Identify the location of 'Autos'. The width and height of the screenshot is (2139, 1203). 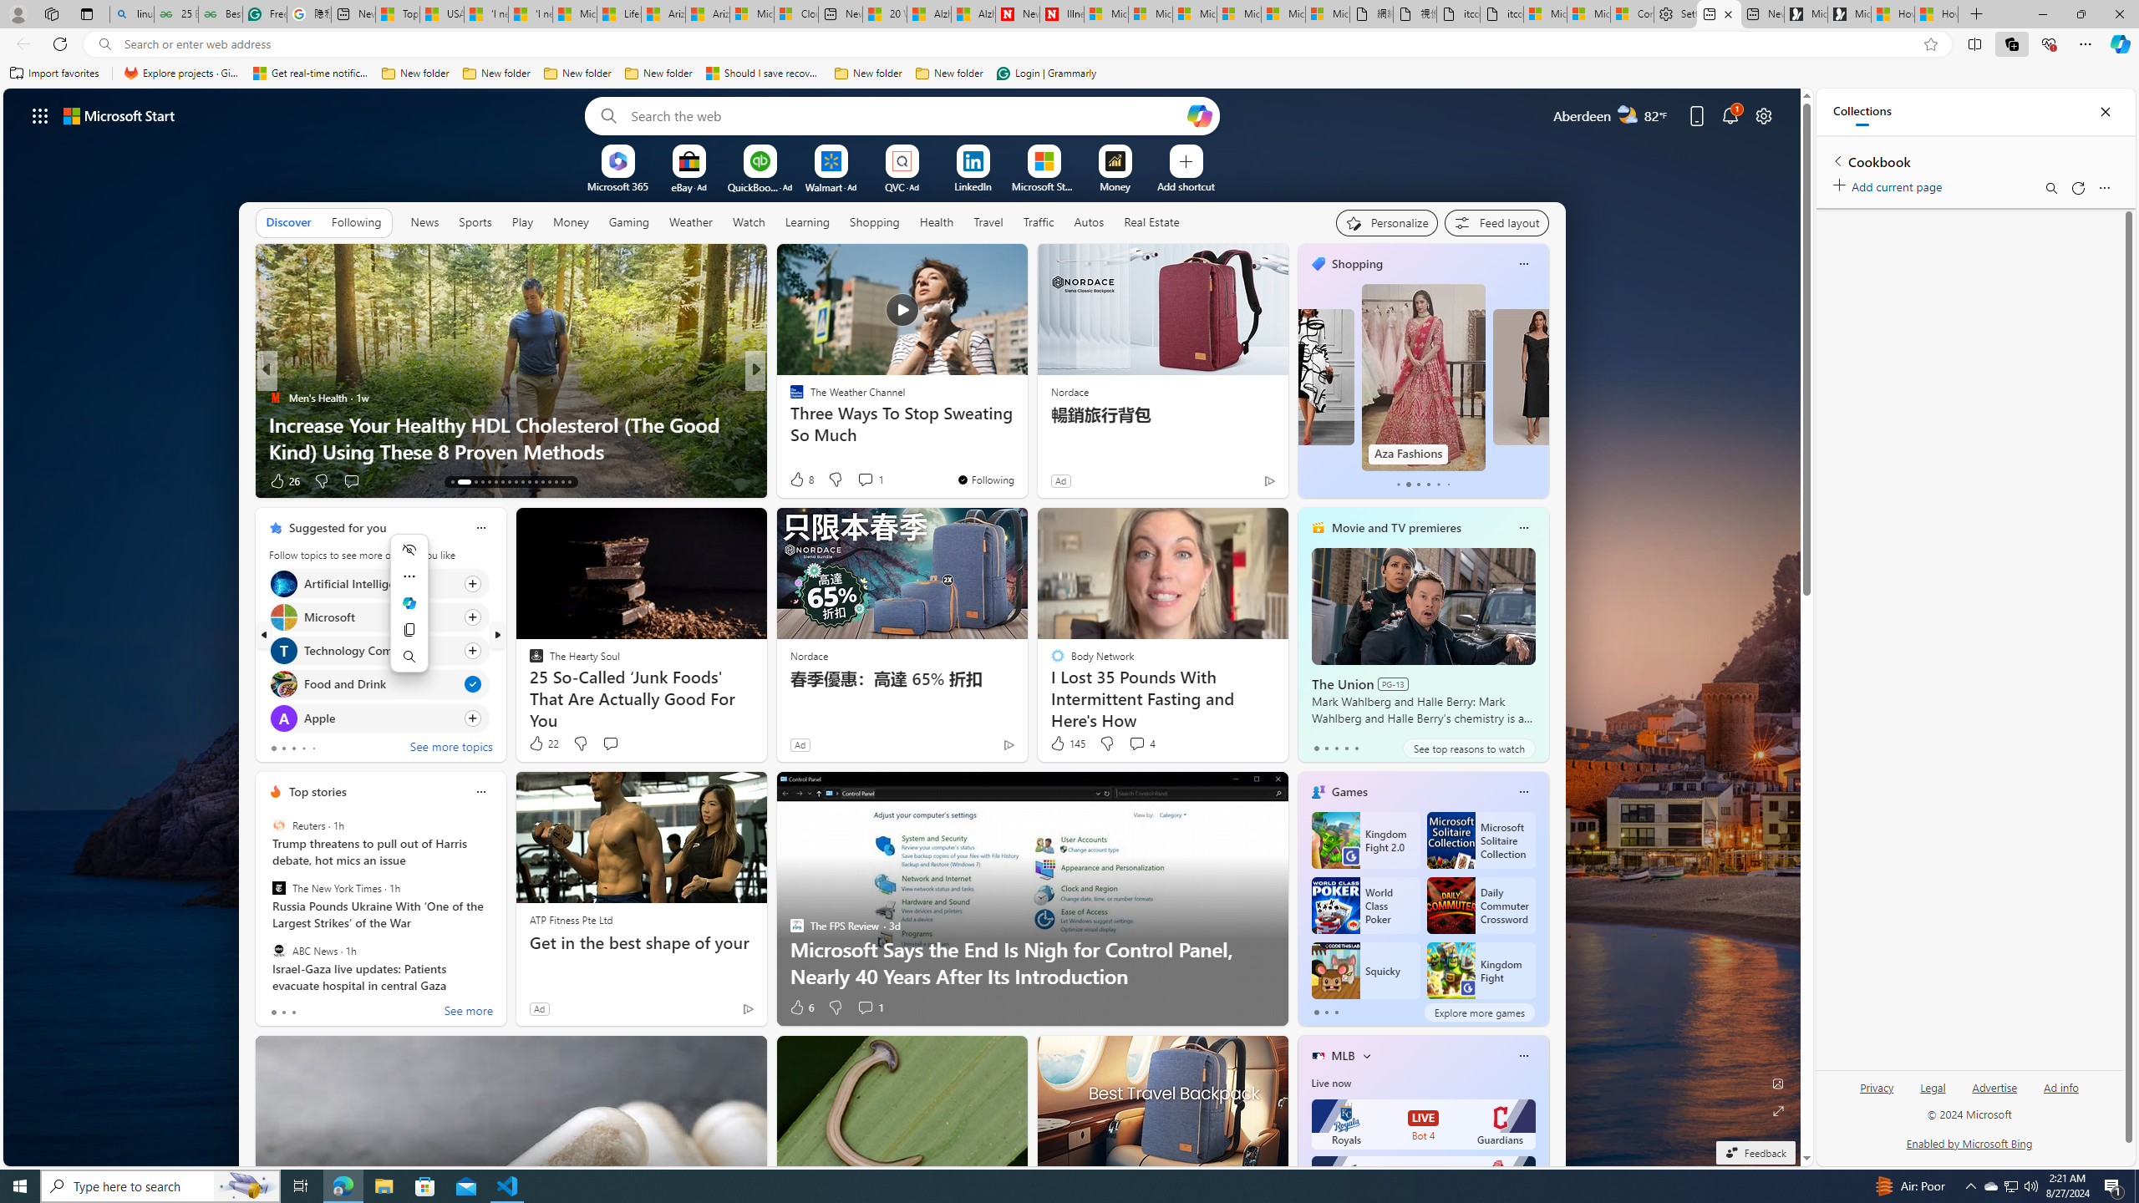
(1089, 221).